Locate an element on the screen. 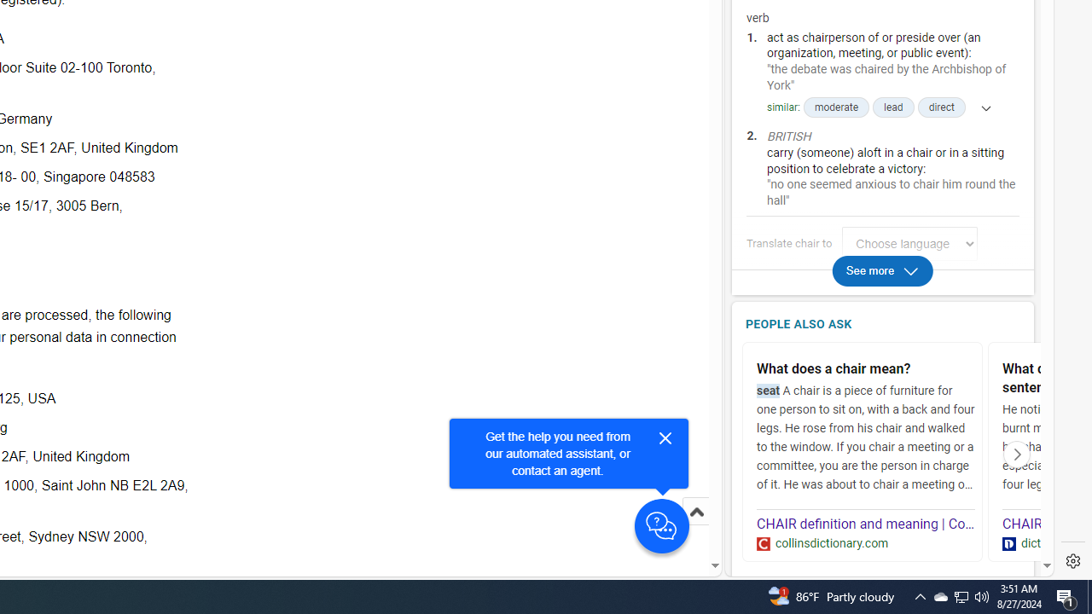 The width and height of the screenshot is (1092, 614). 'Translate chair to Choose language' is located at coordinates (909, 244).